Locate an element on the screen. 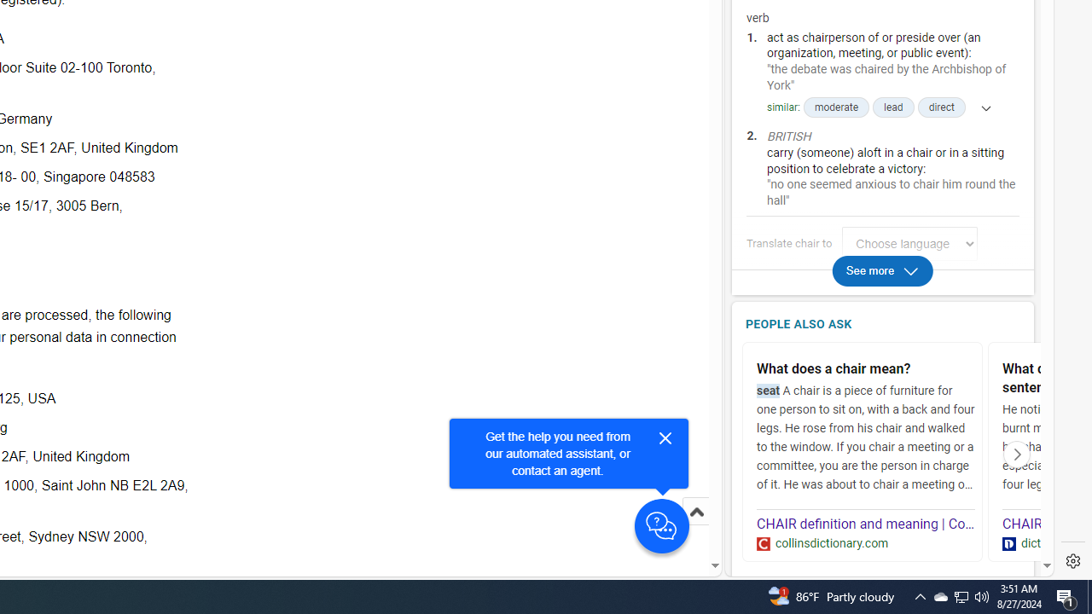 The width and height of the screenshot is (1092, 614). 'Translate chair to Choose language' is located at coordinates (909, 244).